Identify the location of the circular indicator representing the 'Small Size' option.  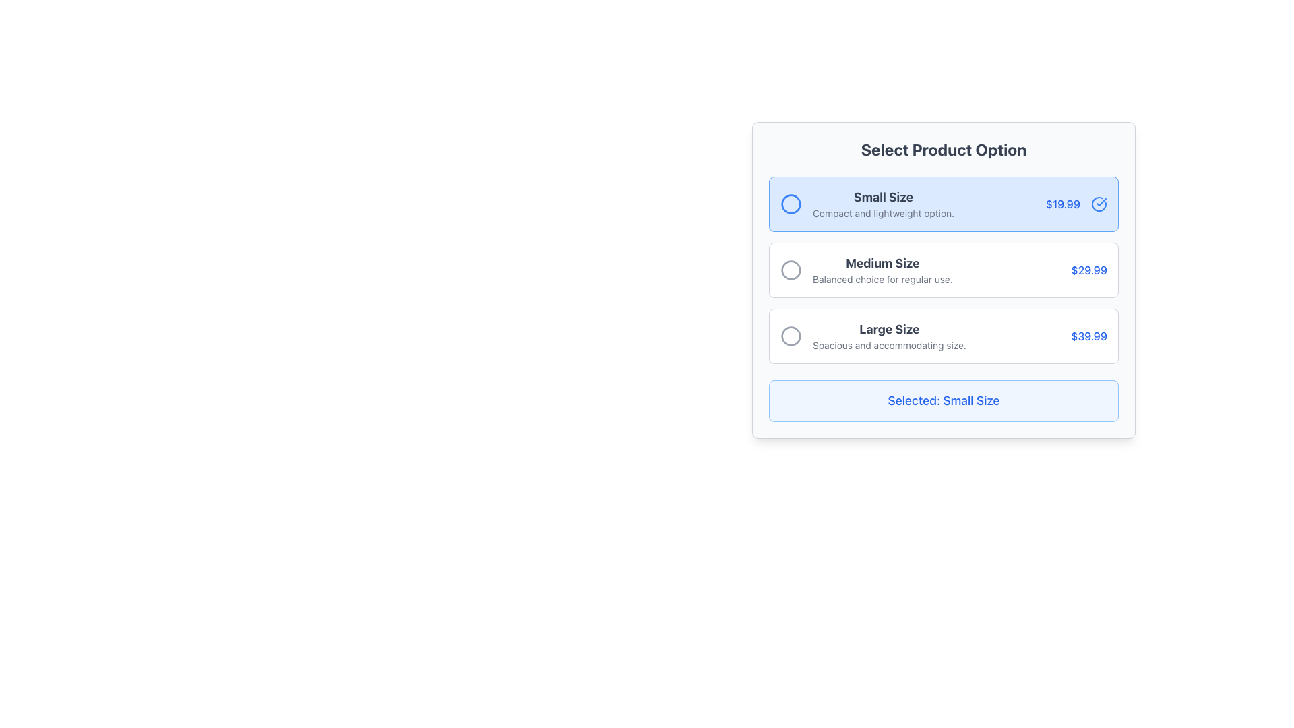
(791, 204).